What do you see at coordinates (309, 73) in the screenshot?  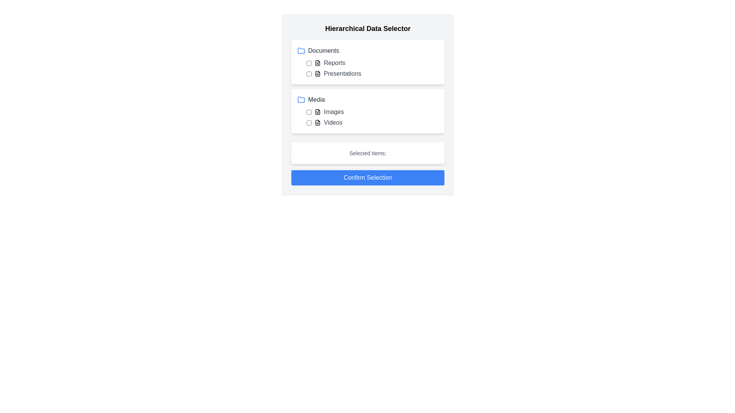 I see `the checkbox located to the left of the 'Presentations' label in the 'Documents' section of the 'Hierarchical Data Selector' widget` at bounding box center [309, 73].